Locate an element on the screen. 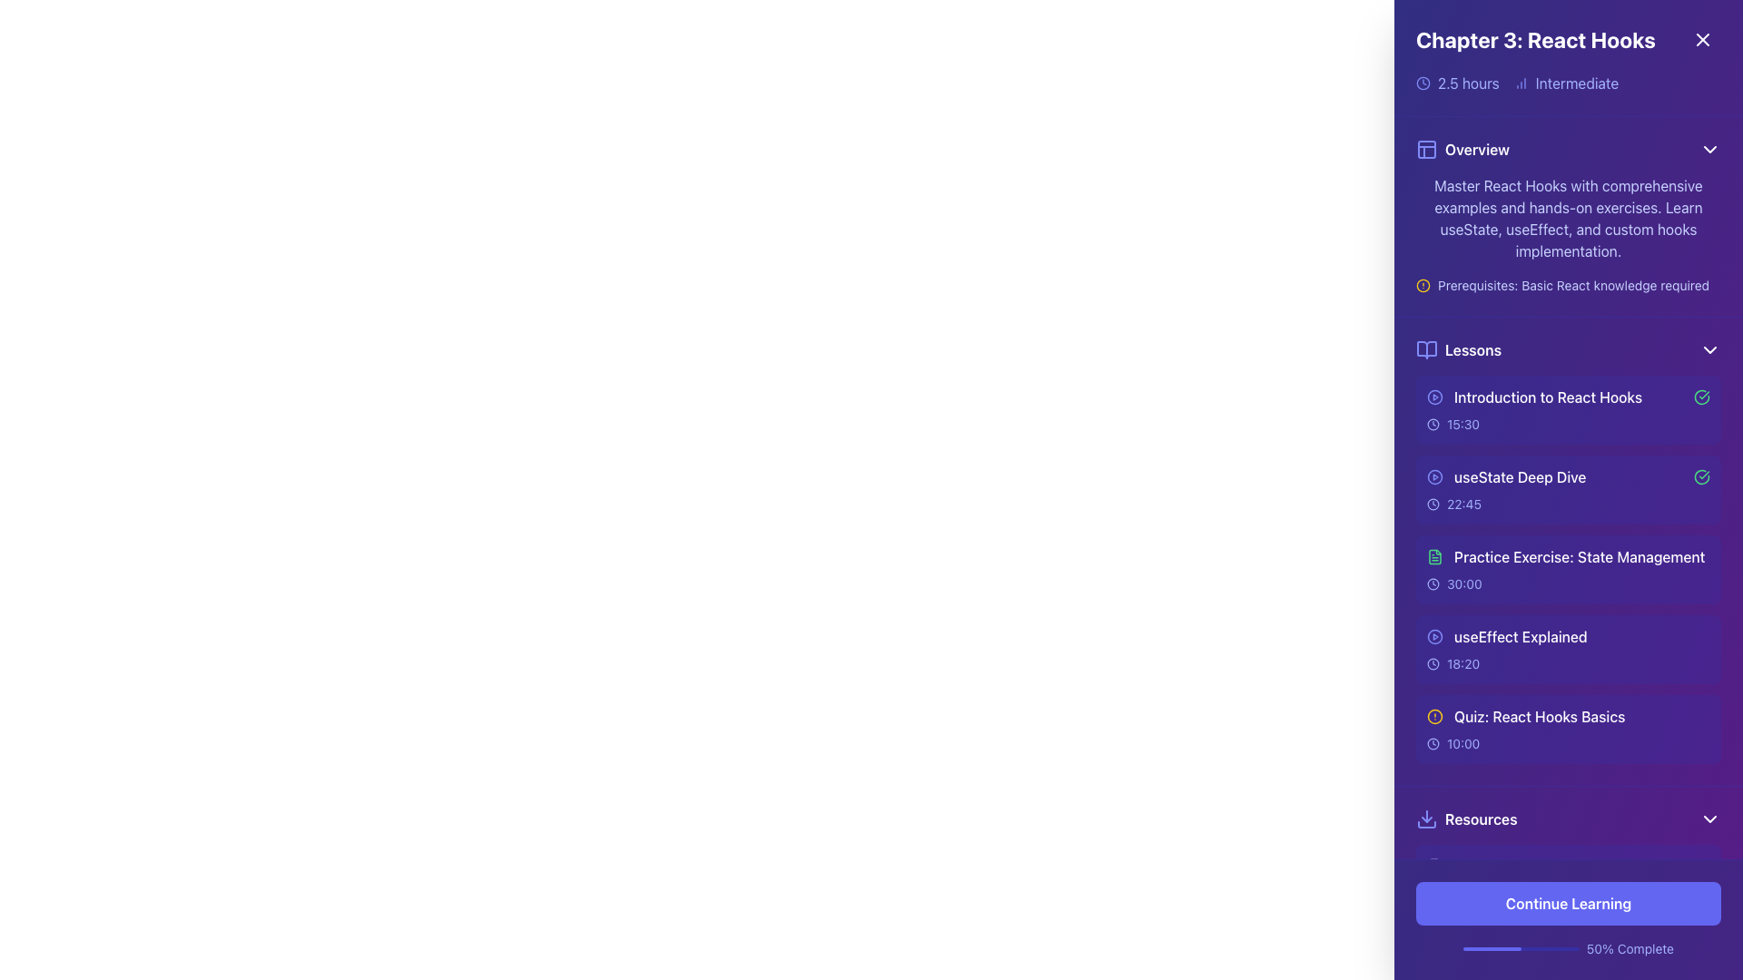 This screenshot has width=1743, height=980. the Dropdown Toggle Icon located in the upper part of the purple side panel is located at coordinates (1709, 149).